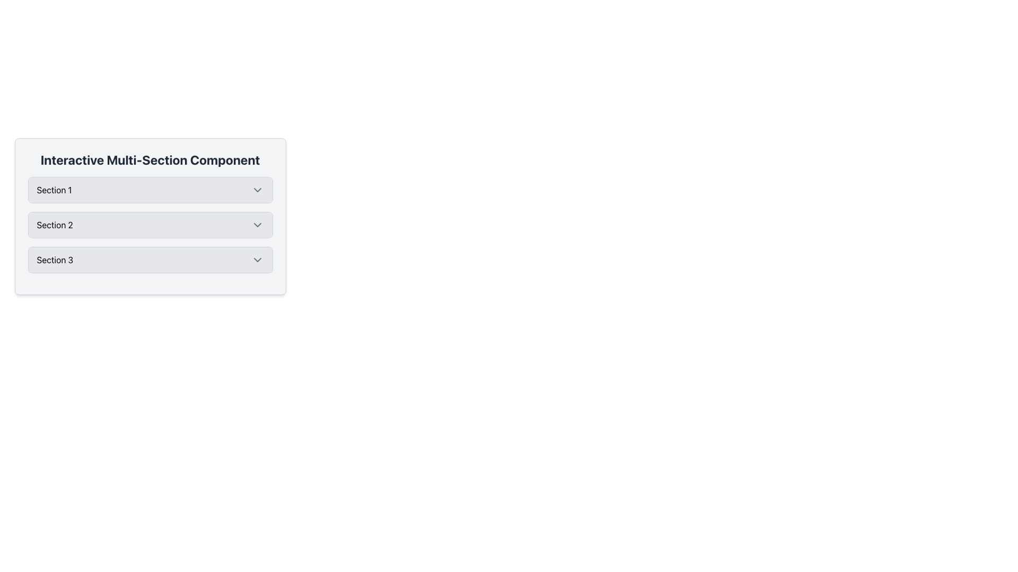  What do you see at coordinates (150, 159) in the screenshot?
I see `the bold text label reading 'Interactive Multi-Section Component', which is prominently displayed above three sections labeled 'Section 1', 'Section 2', and 'Section 3'` at bounding box center [150, 159].